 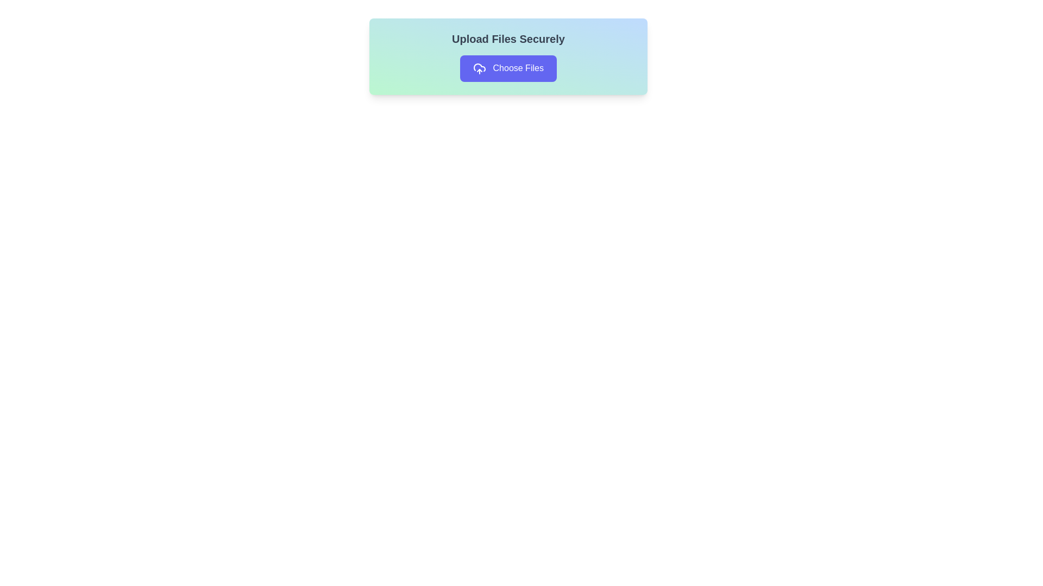 What do you see at coordinates (508, 68) in the screenshot?
I see `the button located directly below the 'Upload Files Securely' text` at bounding box center [508, 68].